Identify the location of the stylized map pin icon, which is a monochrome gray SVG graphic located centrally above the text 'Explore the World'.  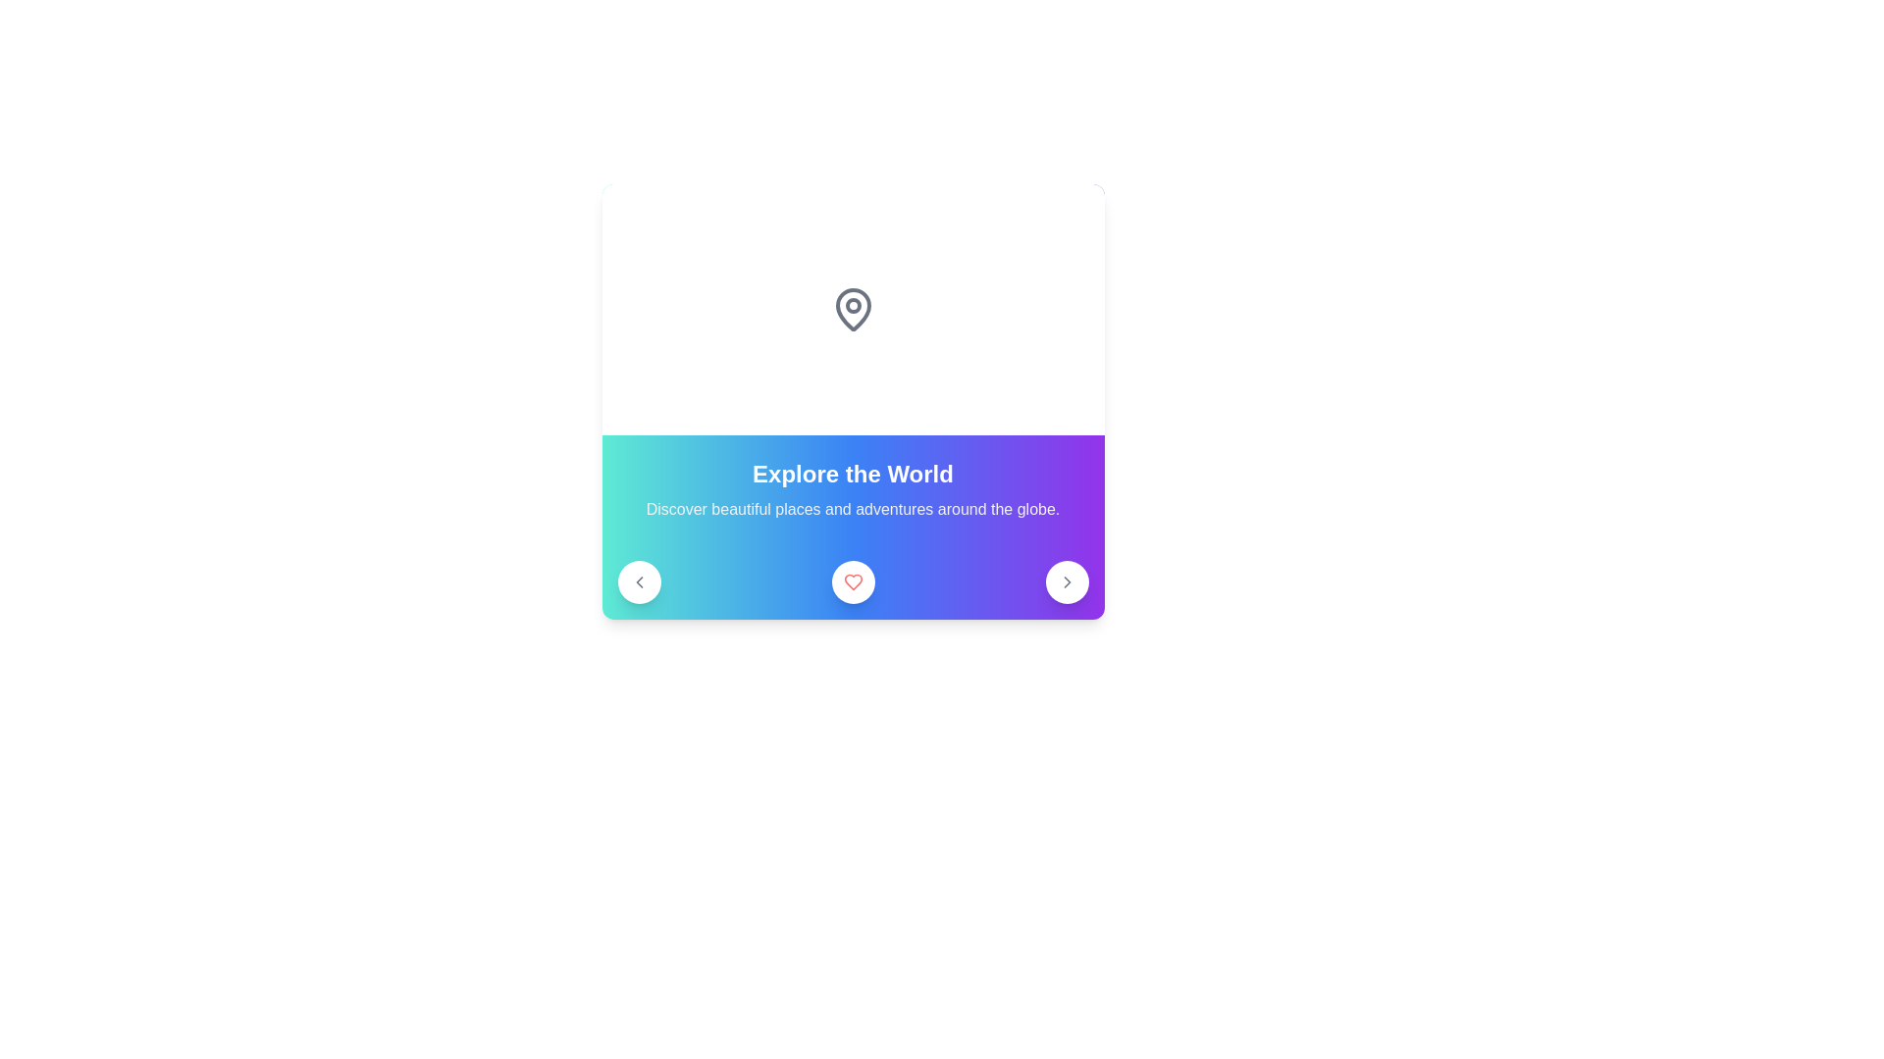
(853, 309).